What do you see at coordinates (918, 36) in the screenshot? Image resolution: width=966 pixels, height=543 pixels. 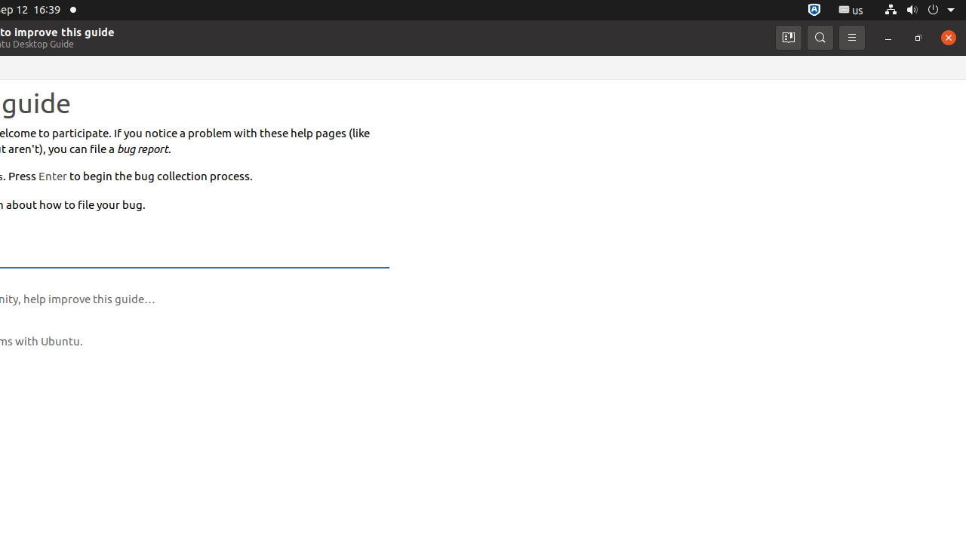 I see `'Restore'` at bounding box center [918, 36].